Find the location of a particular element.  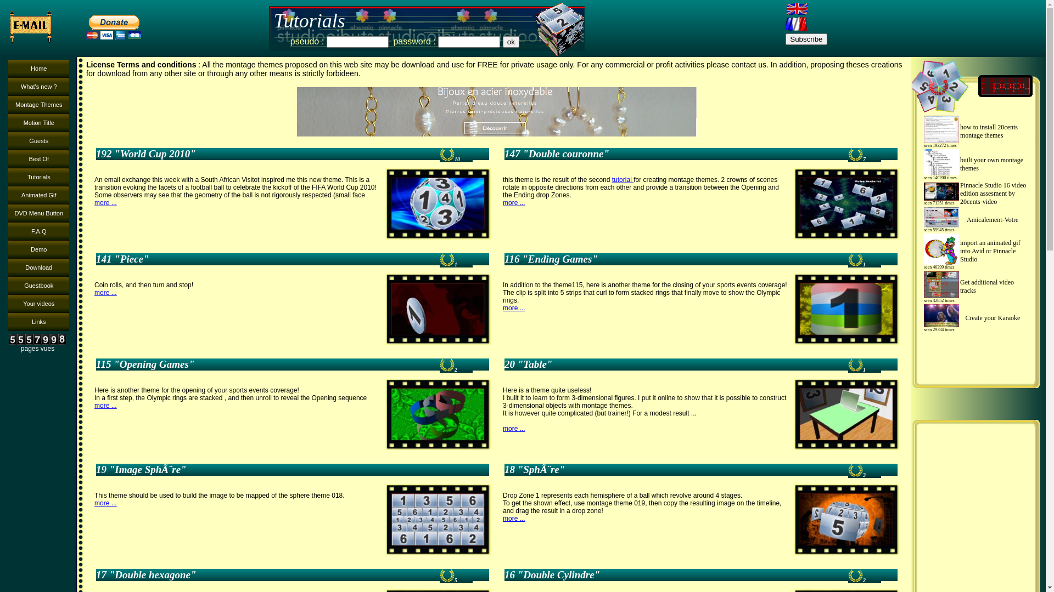

'Motion Title' is located at coordinates (38, 123).